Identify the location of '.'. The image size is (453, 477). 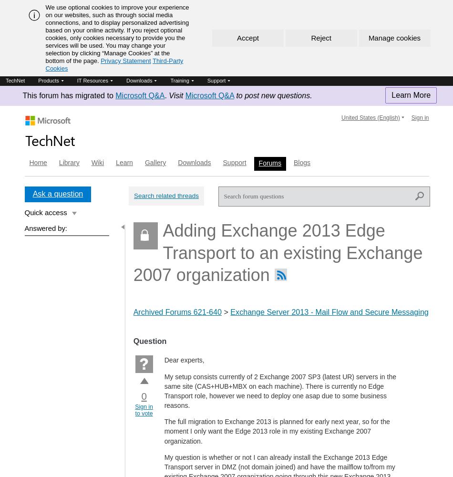
(164, 95).